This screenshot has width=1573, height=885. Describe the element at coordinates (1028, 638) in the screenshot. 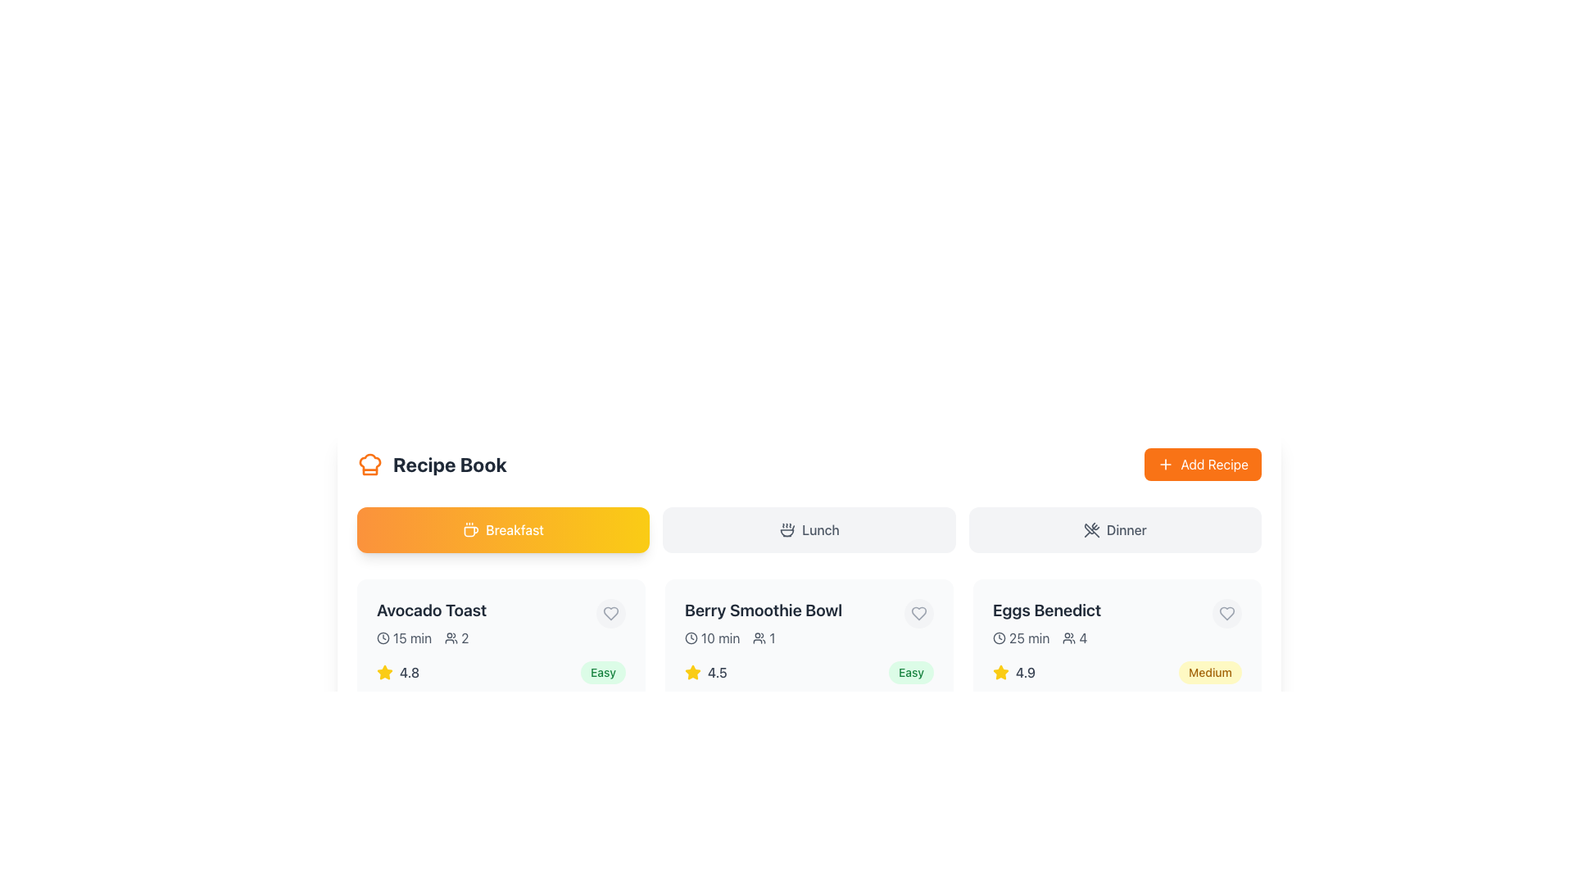

I see `the text label displaying the duration '25 min', located beneath the title 'Eggs Benedict' and to the right of the clock icon in the dinner section` at that location.